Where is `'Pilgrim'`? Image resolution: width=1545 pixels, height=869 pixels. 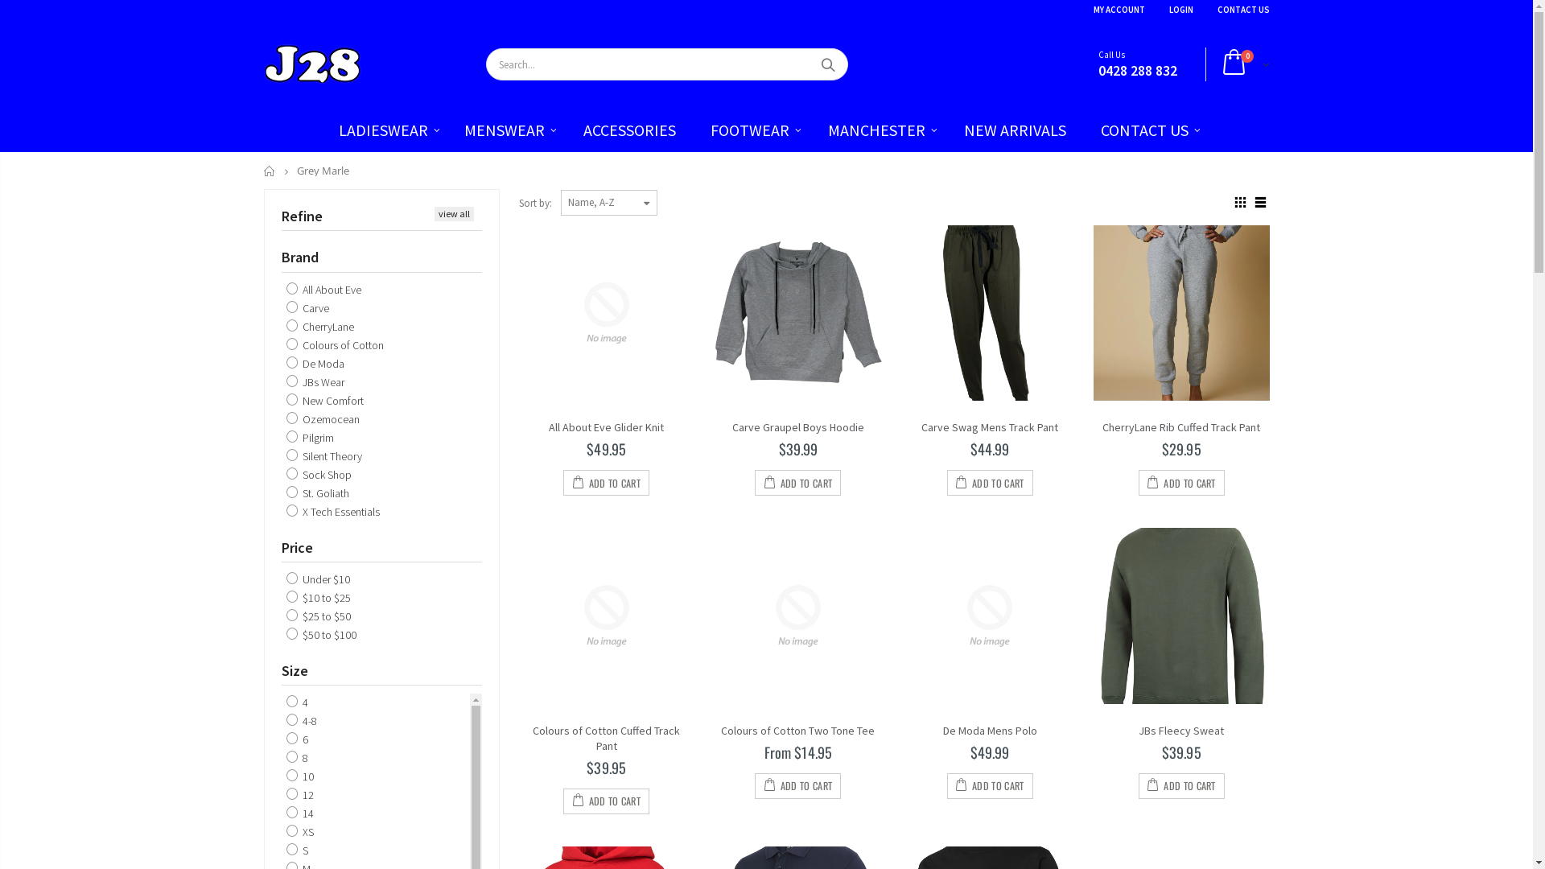 'Pilgrim' is located at coordinates (286, 437).